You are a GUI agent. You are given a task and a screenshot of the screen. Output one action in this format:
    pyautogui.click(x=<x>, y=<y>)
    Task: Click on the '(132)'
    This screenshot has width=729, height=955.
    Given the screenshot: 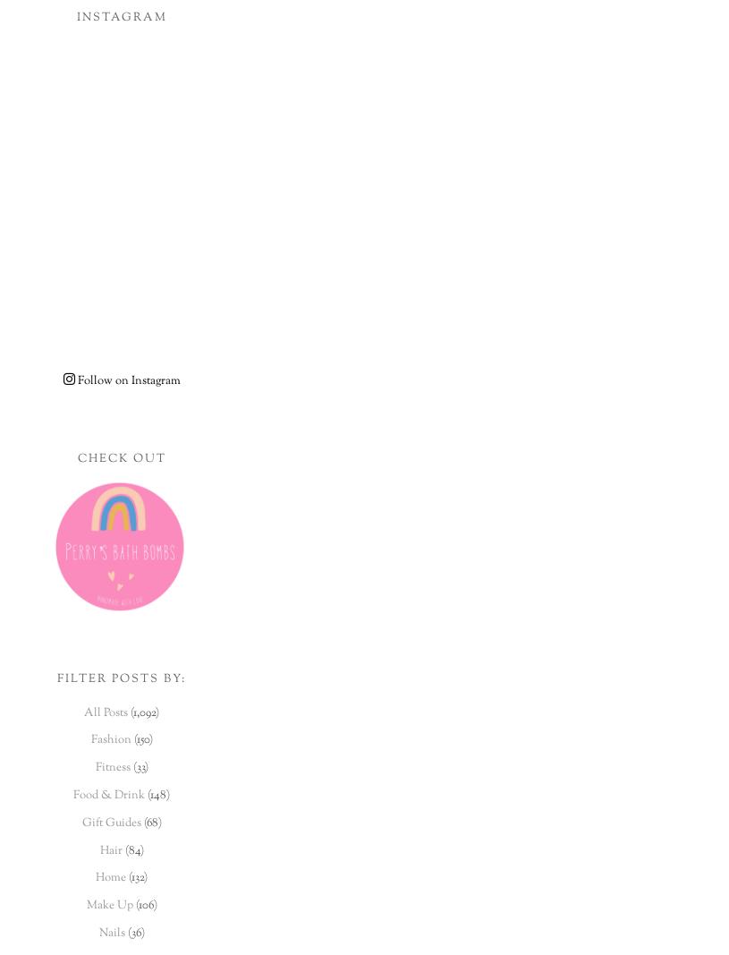 What is the action you would take?
    pyautogui.click(x=125, y=877)
    